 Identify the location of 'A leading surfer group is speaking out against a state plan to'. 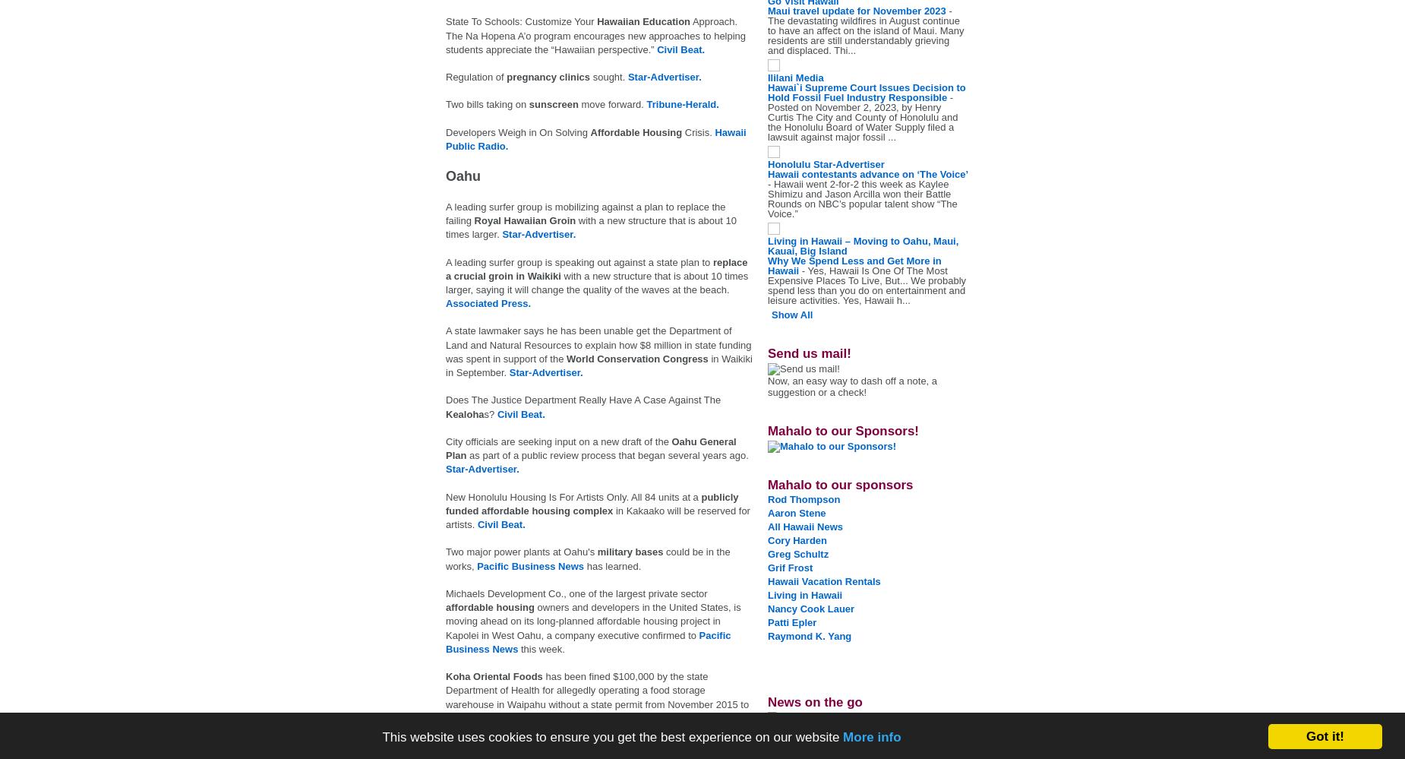
(579, 261).